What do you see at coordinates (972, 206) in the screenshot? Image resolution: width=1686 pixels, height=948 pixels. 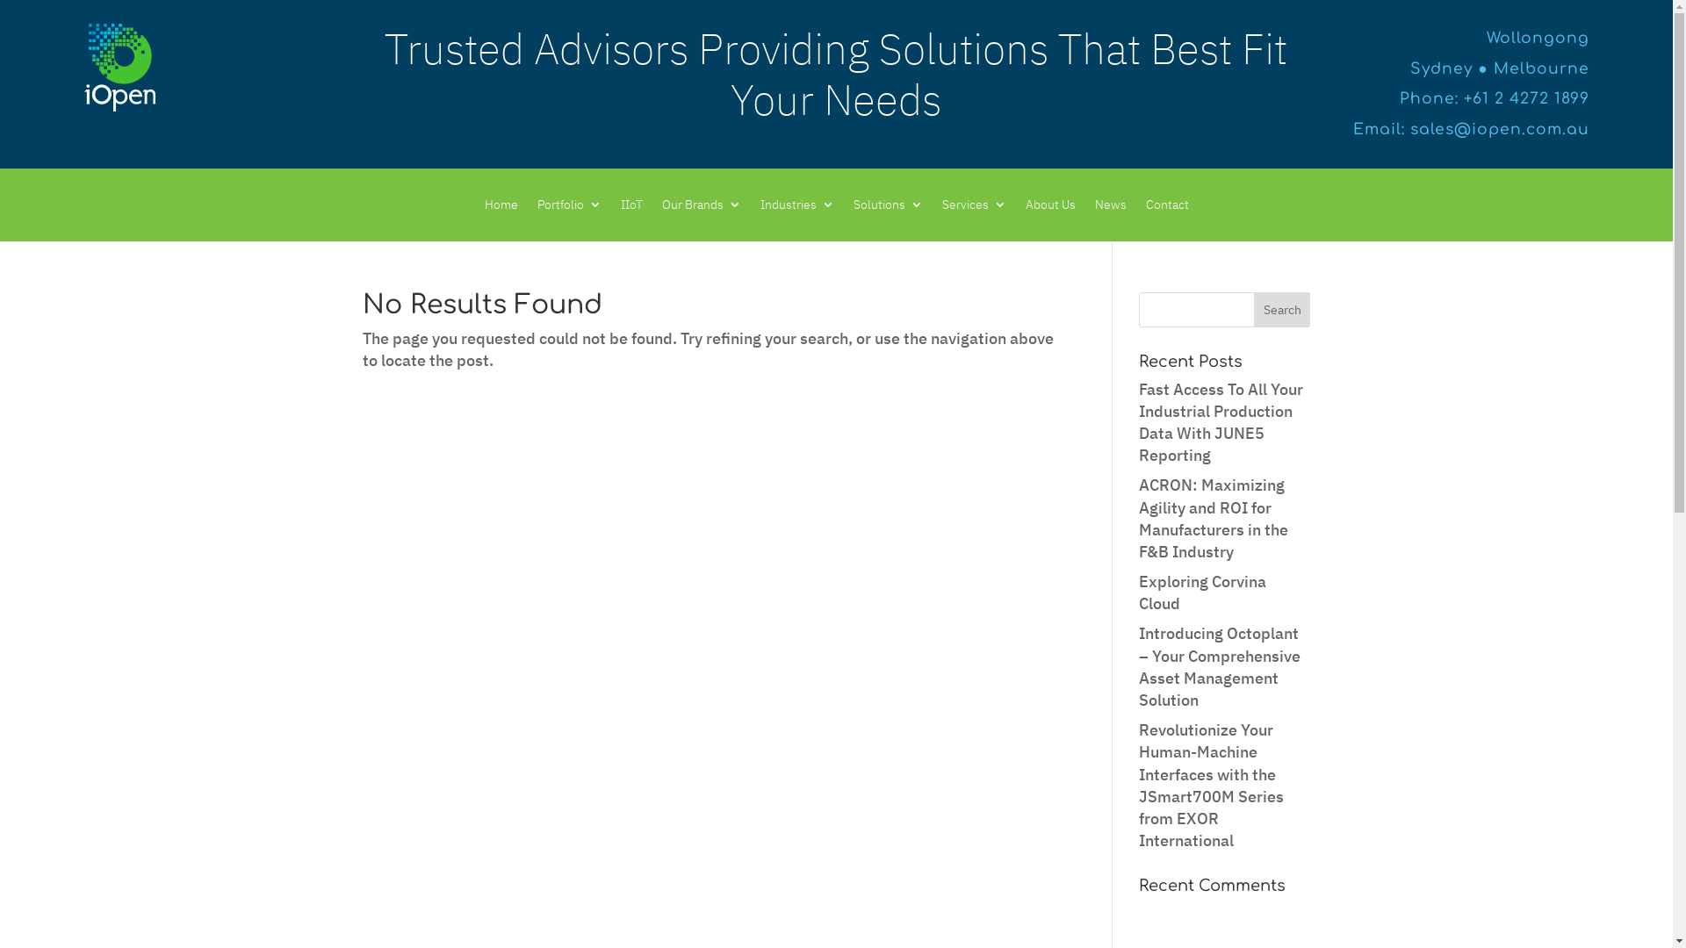 I see `'Services'` at bounding box center [972, 206].